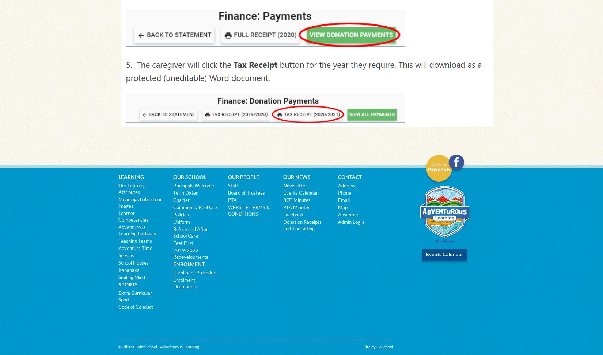  What do you see at coordinates (296, 200) in the screenshot?
I see `'BOT Minutes'` at bounding box center [296, 200].